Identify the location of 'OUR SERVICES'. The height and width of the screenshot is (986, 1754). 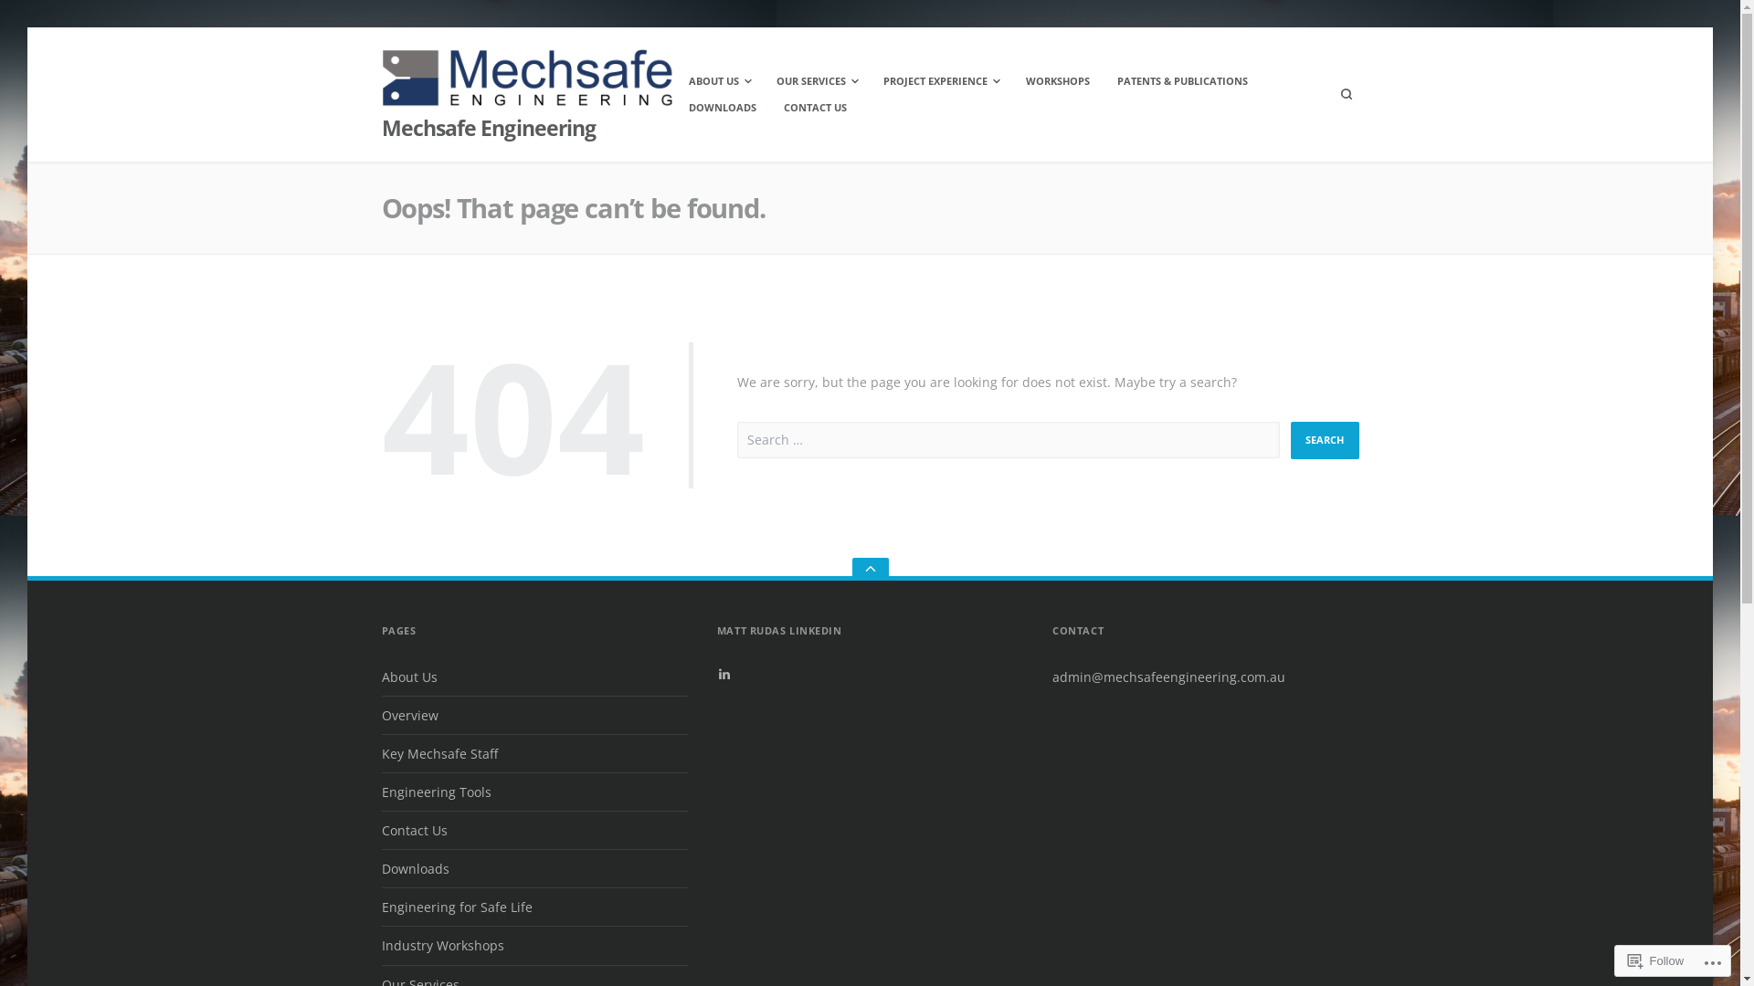
(815, 79).